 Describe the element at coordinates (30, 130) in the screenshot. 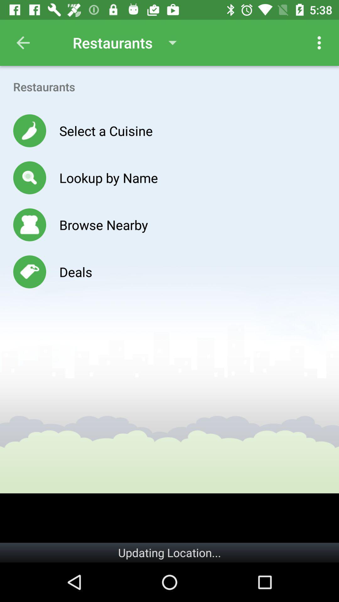

I see `the icon left to the text select a cuisine` at that location.